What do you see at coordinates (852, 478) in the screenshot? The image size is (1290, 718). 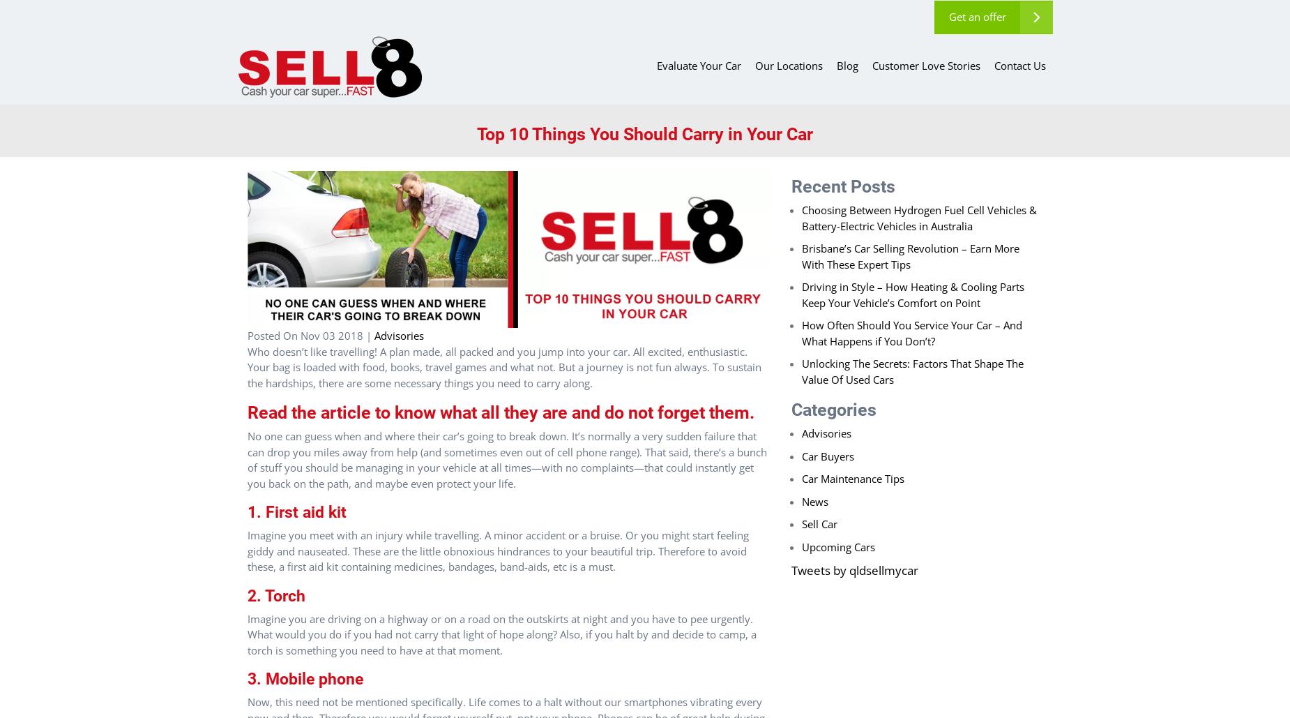 I see `'Car Maintenance Tips'` at bounding box center [852, 478].